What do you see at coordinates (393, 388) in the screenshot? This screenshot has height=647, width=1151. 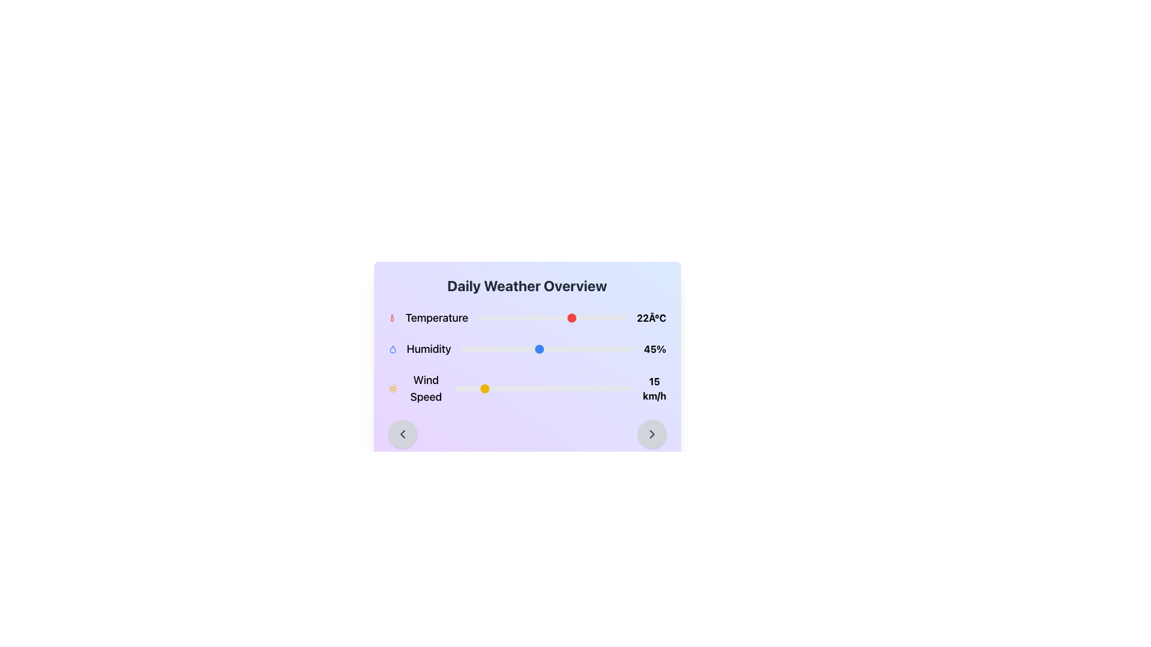 I see `the weather icon located to the left of the 'Wind Speed' text, which is the first element in its group and positioned above the '15 km/h' value` at bounding box center [393, 388].